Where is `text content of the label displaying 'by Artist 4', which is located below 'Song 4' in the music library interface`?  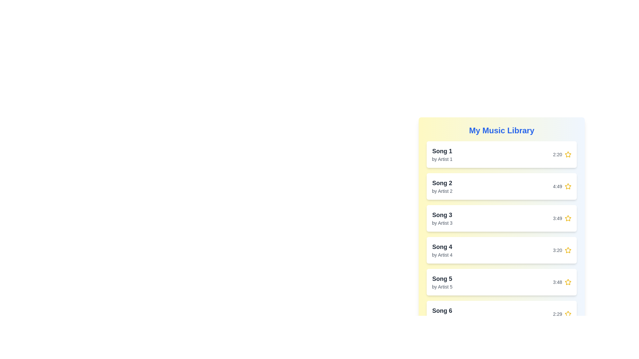 text content of the label displaying 'by Artist 4', which is located below 'Song 4' in the music library interface is located at coordinates (442, 255).